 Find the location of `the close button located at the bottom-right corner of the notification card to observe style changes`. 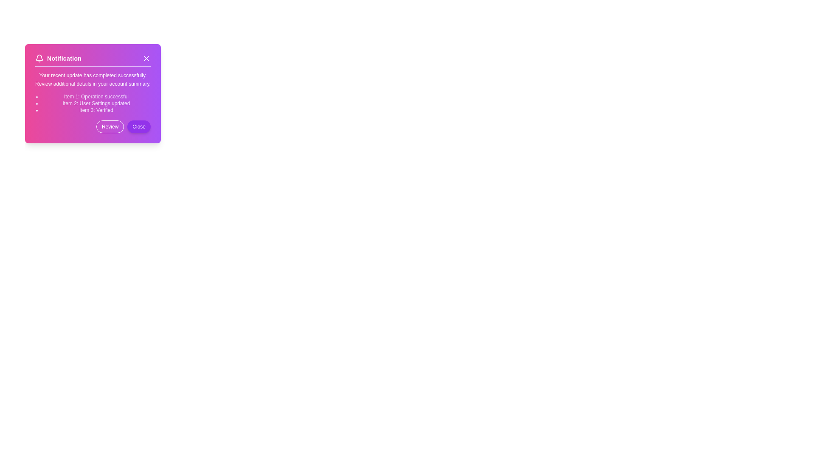

the close button located at the bottom-right corner of the notification card to observe style changes is located at coordinates (139, 127).